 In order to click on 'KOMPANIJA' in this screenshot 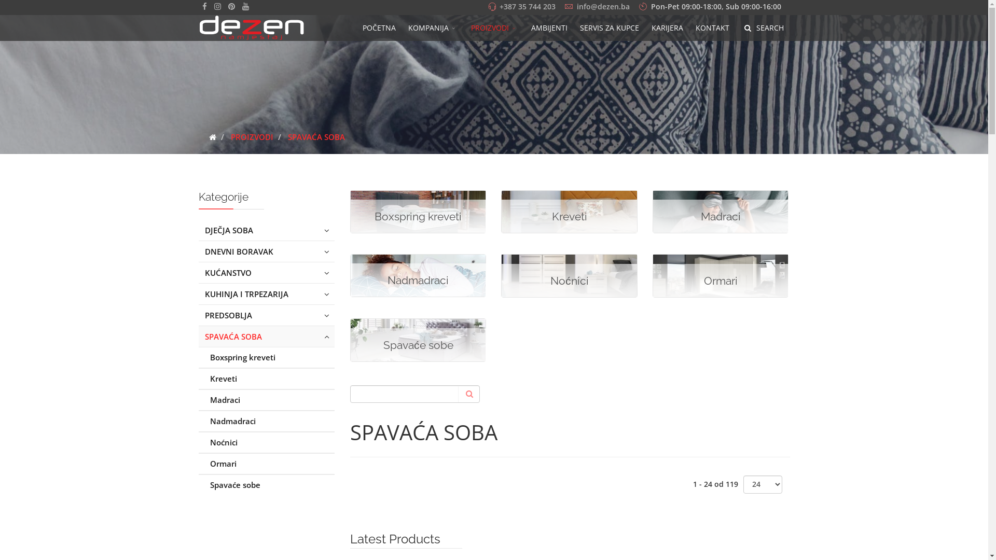, I will do `click(433, 27)`.